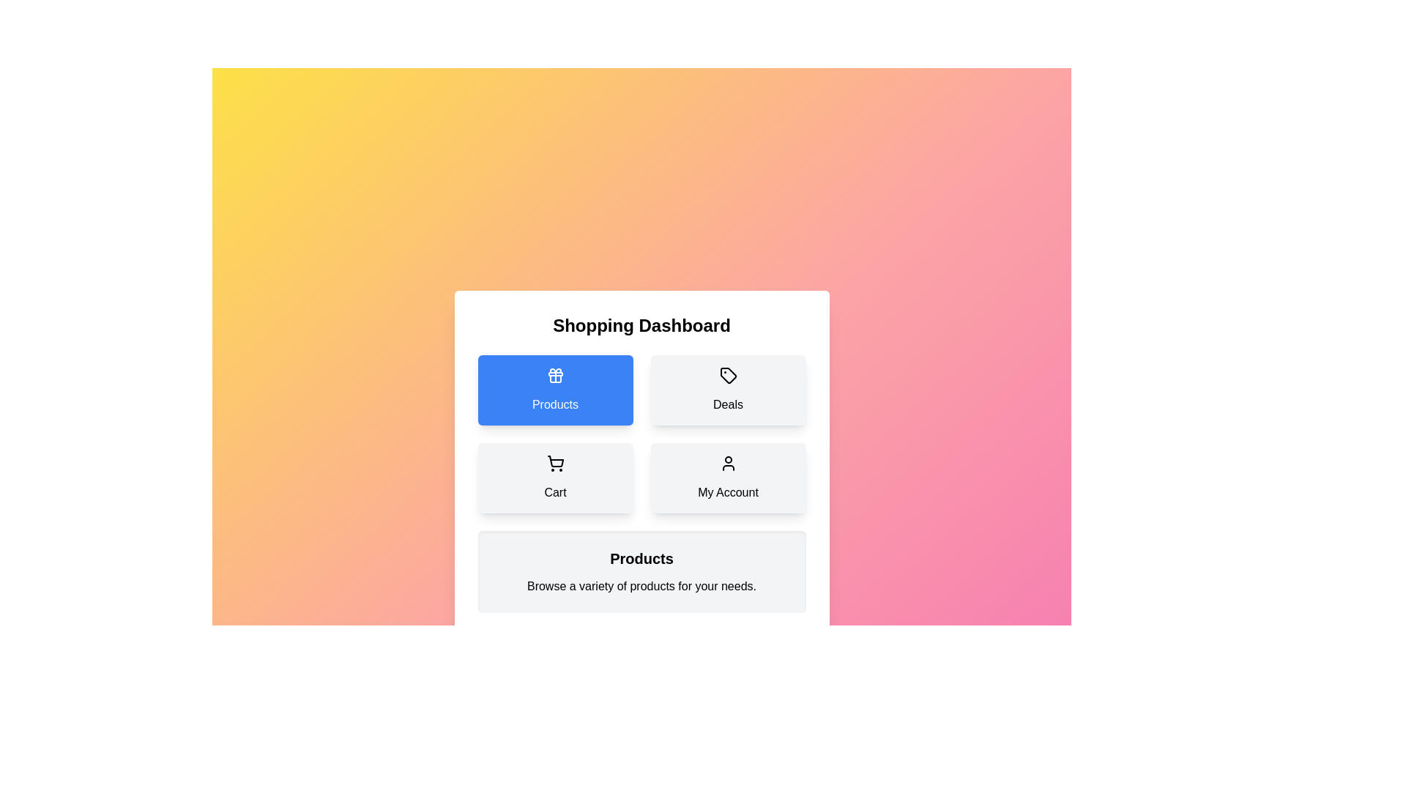 Image resolution: width=1406 pixels, height=791 pixels. What do you see at coordinates (728, 478) in the screenshot?
I see `the 'My Account' button to view the My Account category` at bounding box center [728, 478].